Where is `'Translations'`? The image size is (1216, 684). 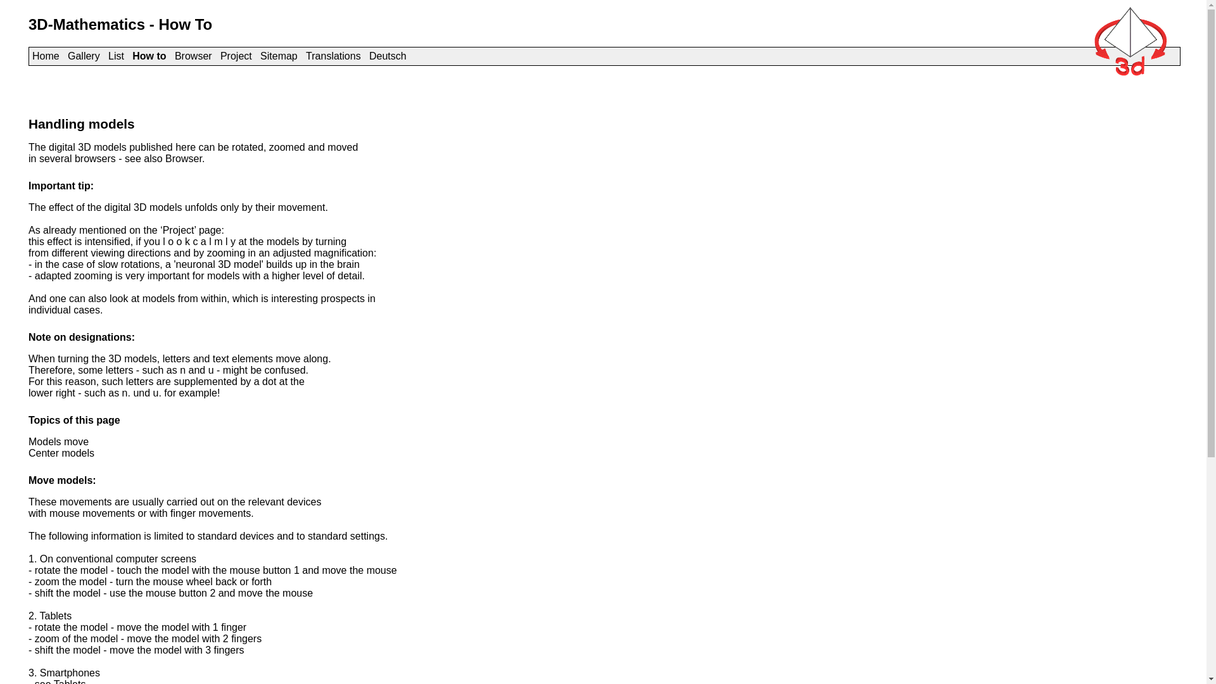 'Translations' is located at coordinates (333, 55).